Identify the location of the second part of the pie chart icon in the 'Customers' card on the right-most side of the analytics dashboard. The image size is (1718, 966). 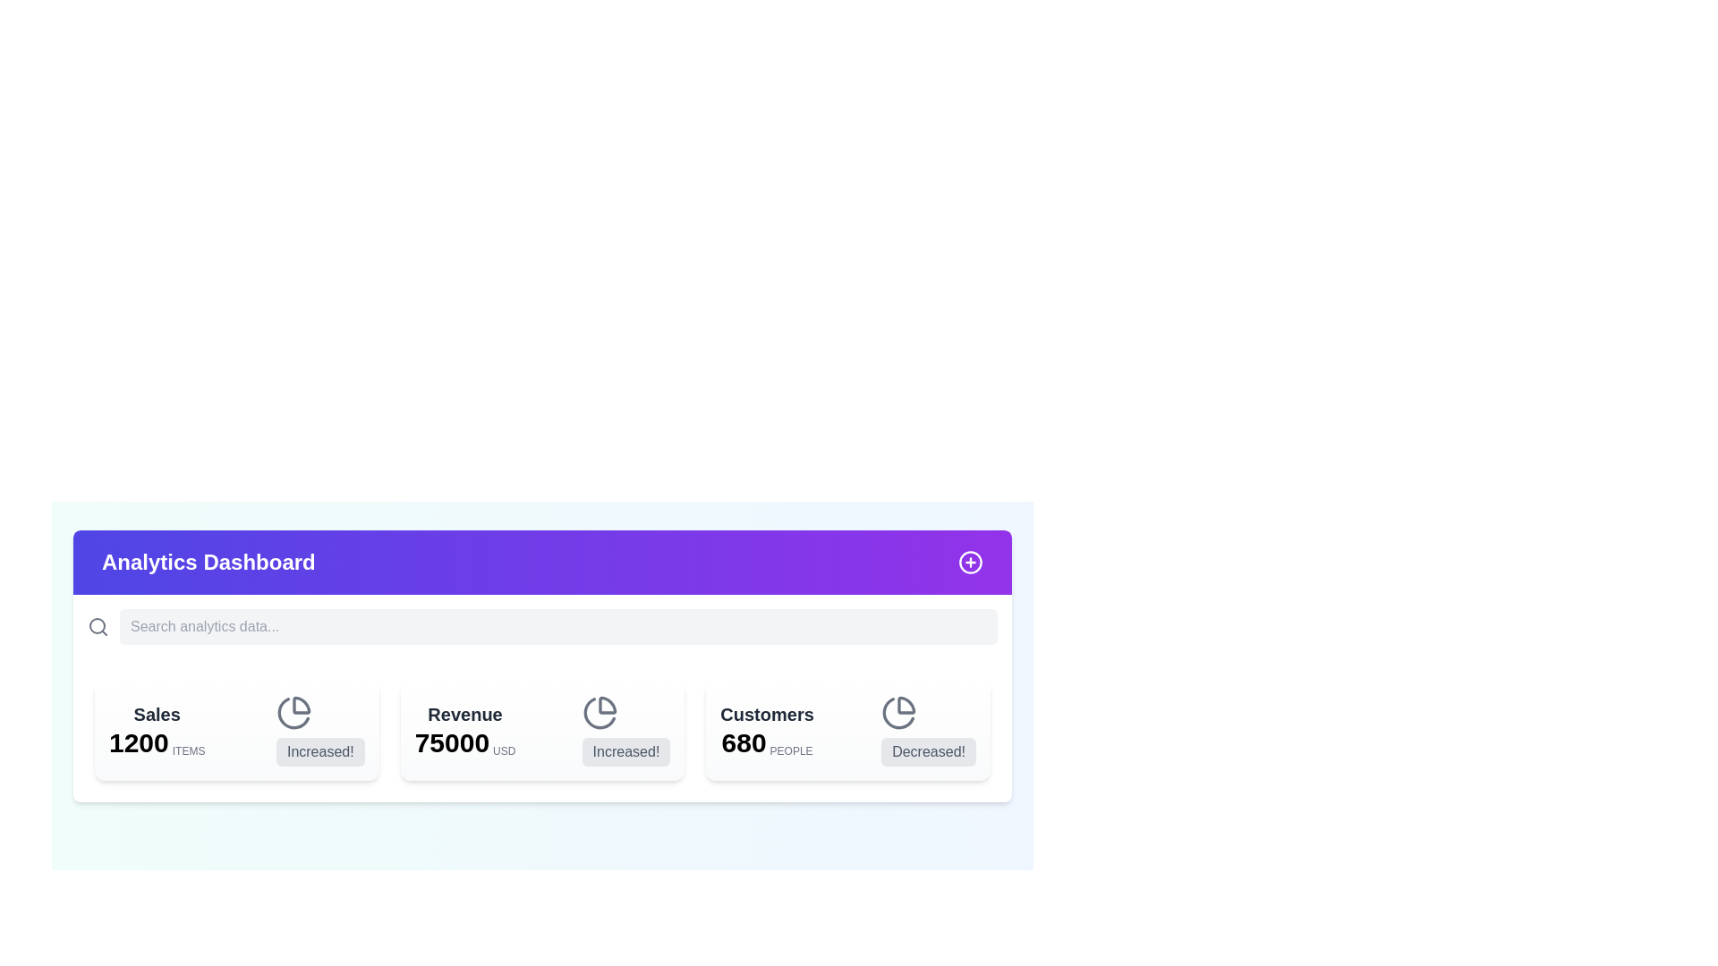
(898, 712).